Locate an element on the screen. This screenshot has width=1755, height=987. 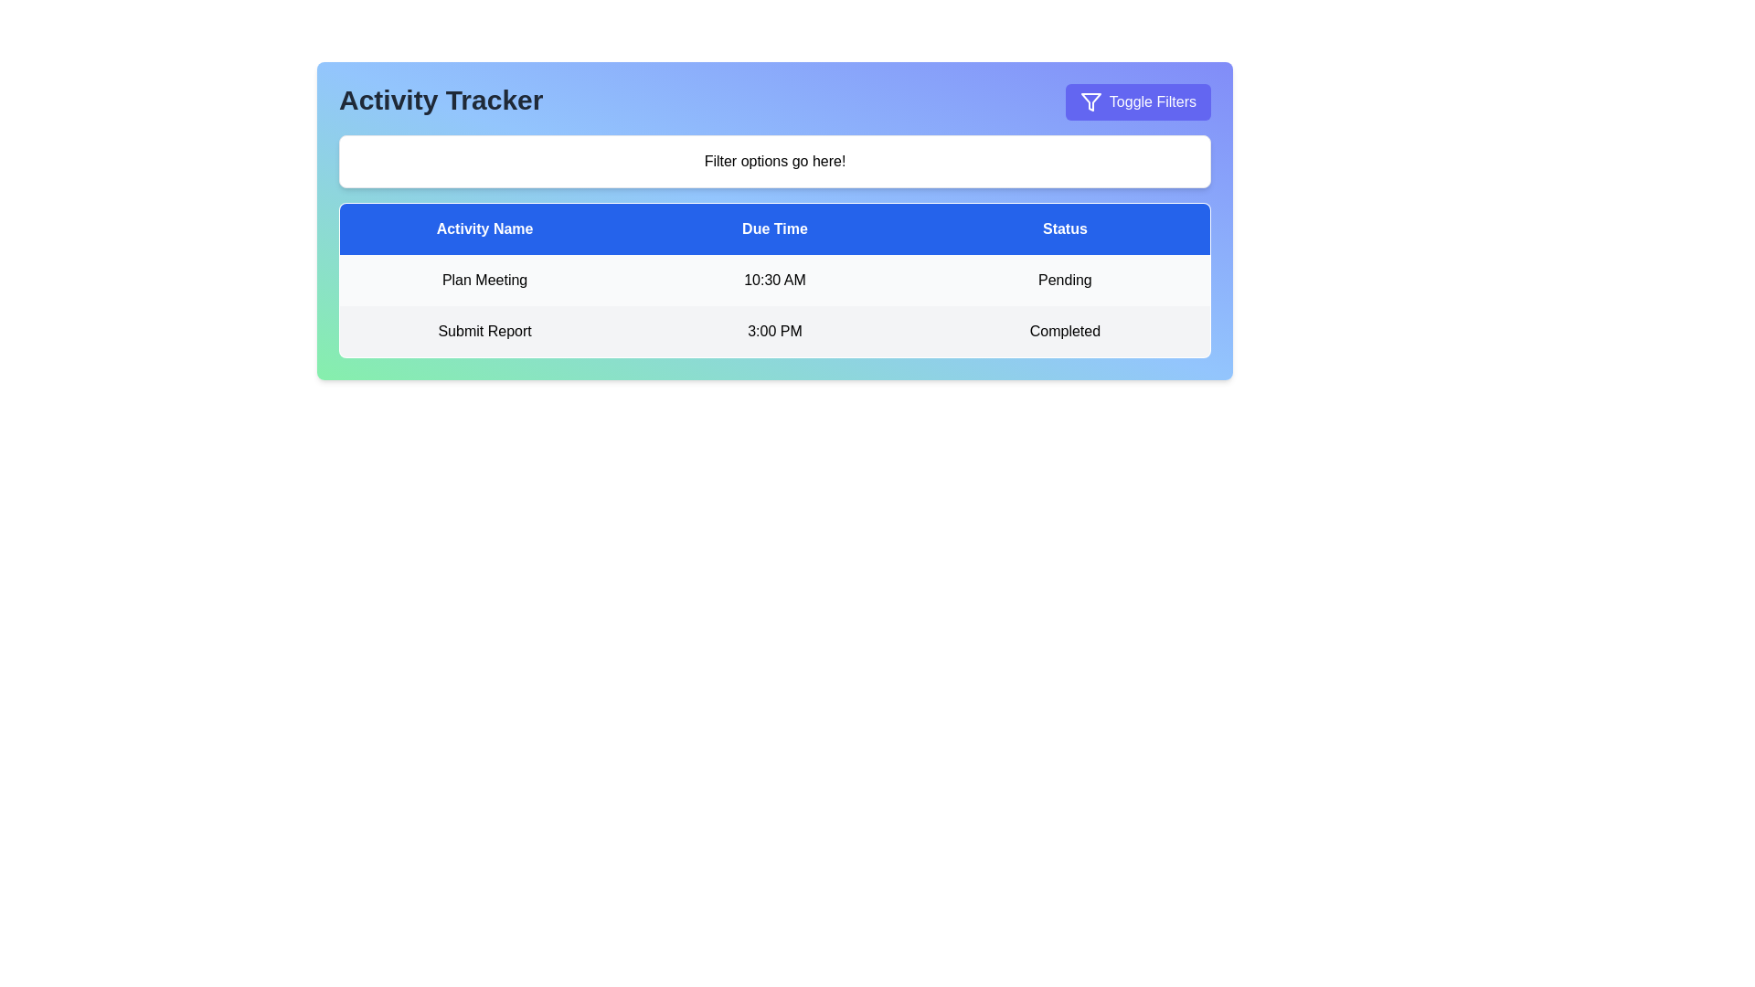
the first row of the task summary table containing the texts 'Plan Meeting', '10:30 AM', and 'Pending' is located at coordinates (775, 281).